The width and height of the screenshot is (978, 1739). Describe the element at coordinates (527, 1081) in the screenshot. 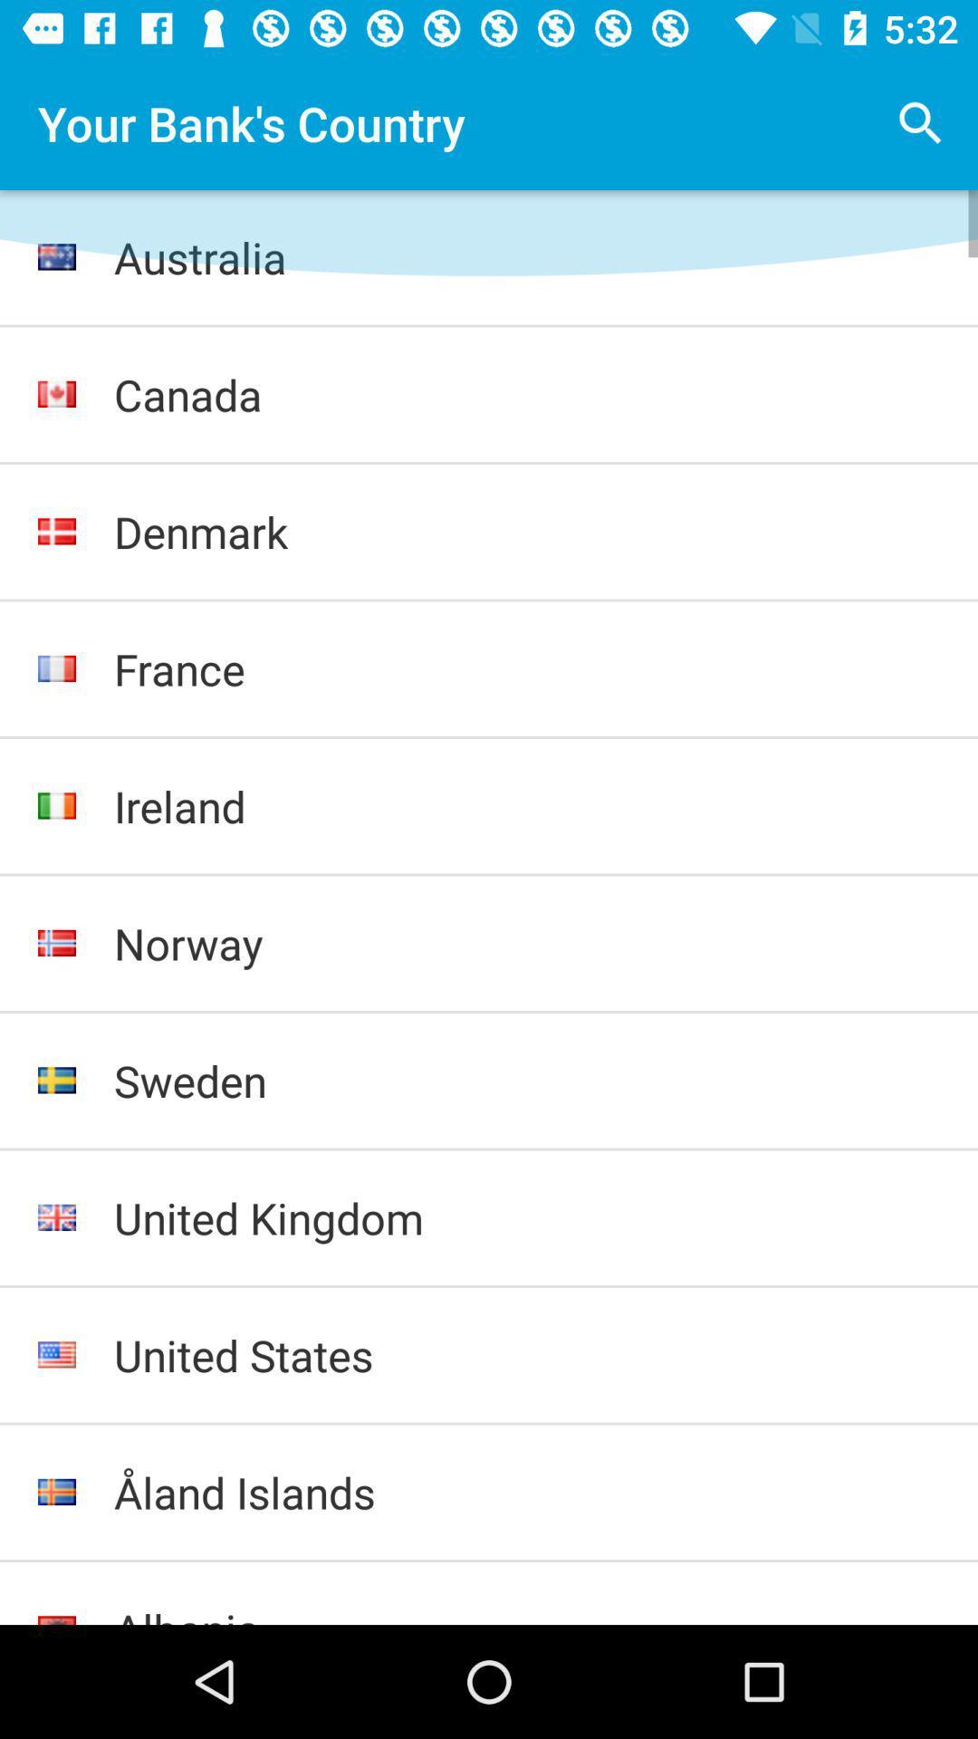

I see `sweden` at that location.